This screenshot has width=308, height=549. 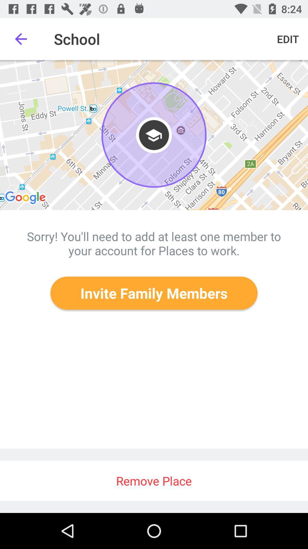 I want to click on the icon at the top right corner, so click(x=288, y=39).